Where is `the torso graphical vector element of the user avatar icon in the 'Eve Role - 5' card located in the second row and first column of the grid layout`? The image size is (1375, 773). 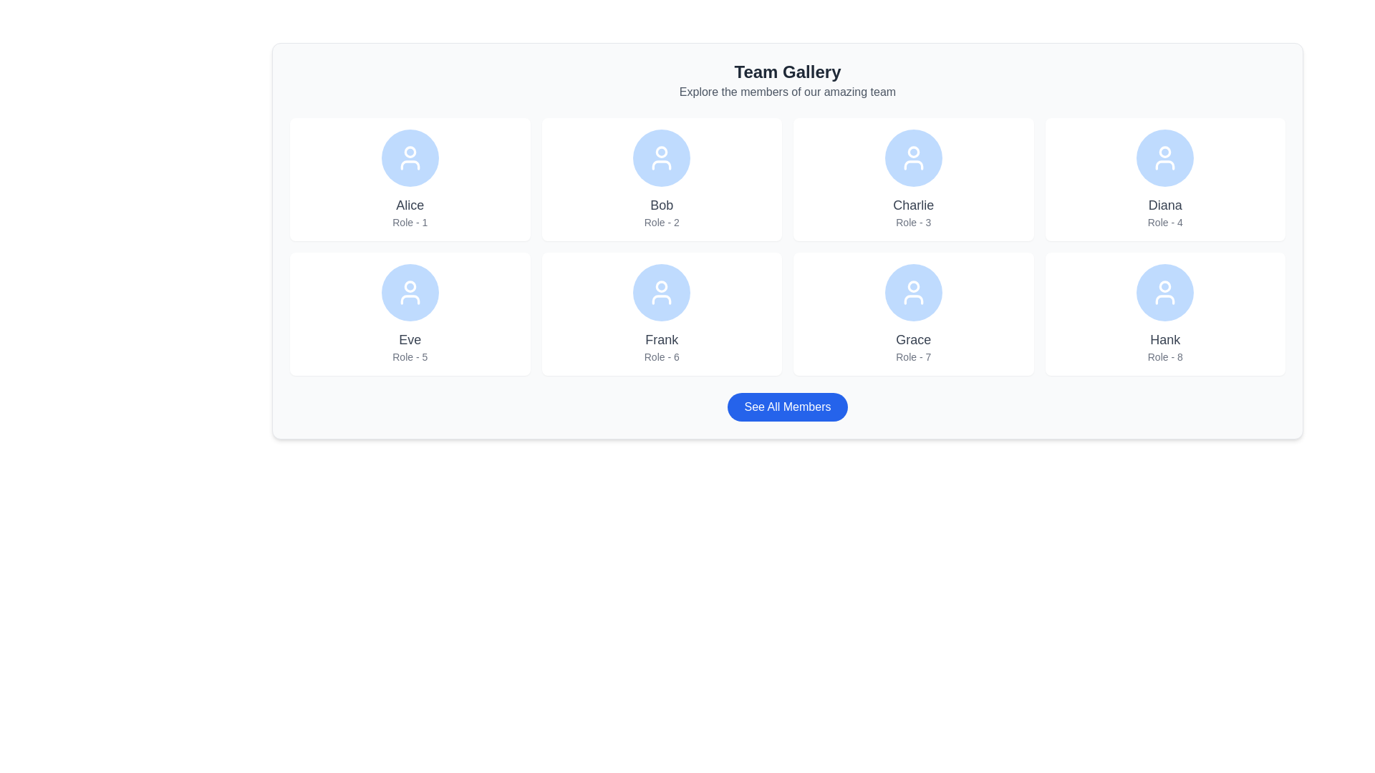
the torso graphical vector element of the user avatar icon in the 'Eve Role - 5' card located in the second row and first column of the grid layout is located at coordinates (409, 299).